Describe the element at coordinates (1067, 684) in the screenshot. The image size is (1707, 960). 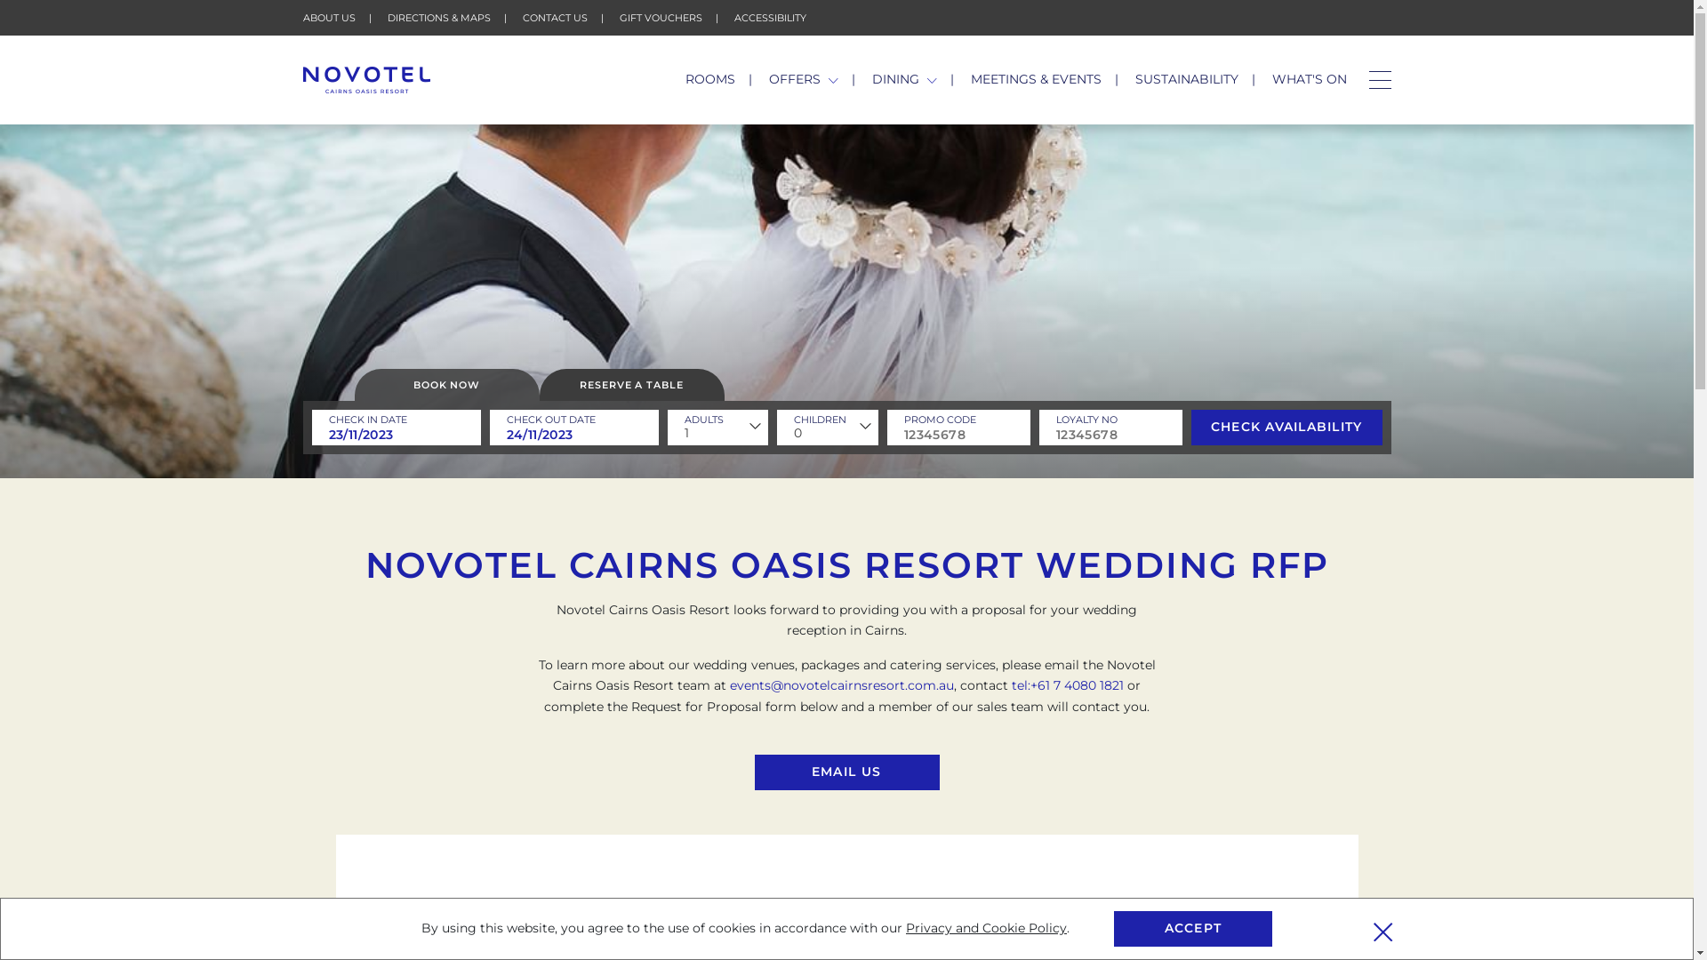
I see `'tel:+61 7 4080 1821'` at that location.